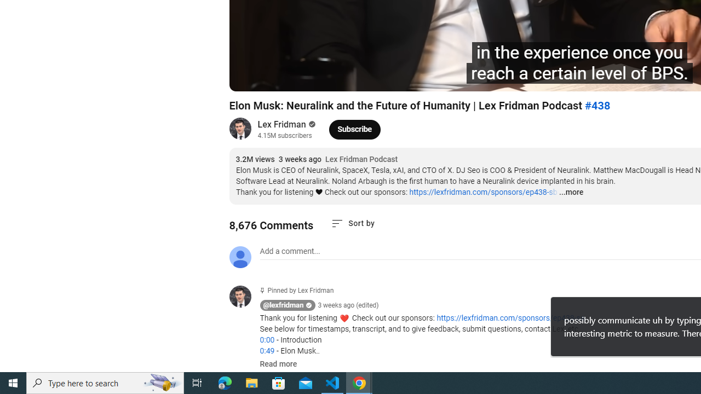 This screenshot has height=394, width=701. I want to click on 'Read more', so click(278, 364).